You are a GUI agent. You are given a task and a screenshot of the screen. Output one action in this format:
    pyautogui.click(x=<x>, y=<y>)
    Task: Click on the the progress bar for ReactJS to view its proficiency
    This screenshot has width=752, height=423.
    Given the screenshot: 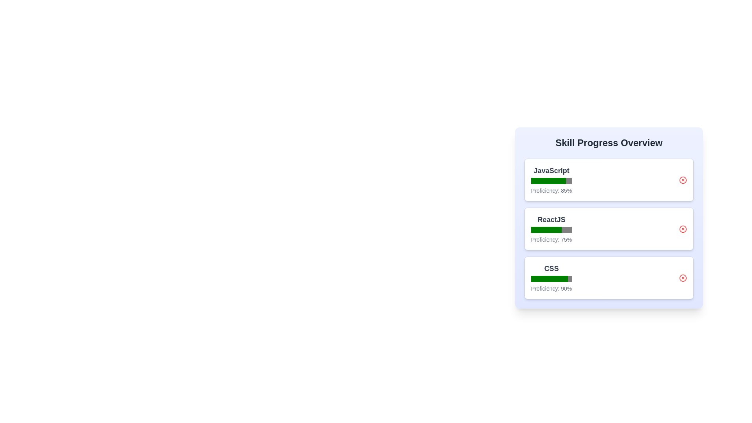 What is the action you would take?
    pyautogui.click(x=551, y=229)
    